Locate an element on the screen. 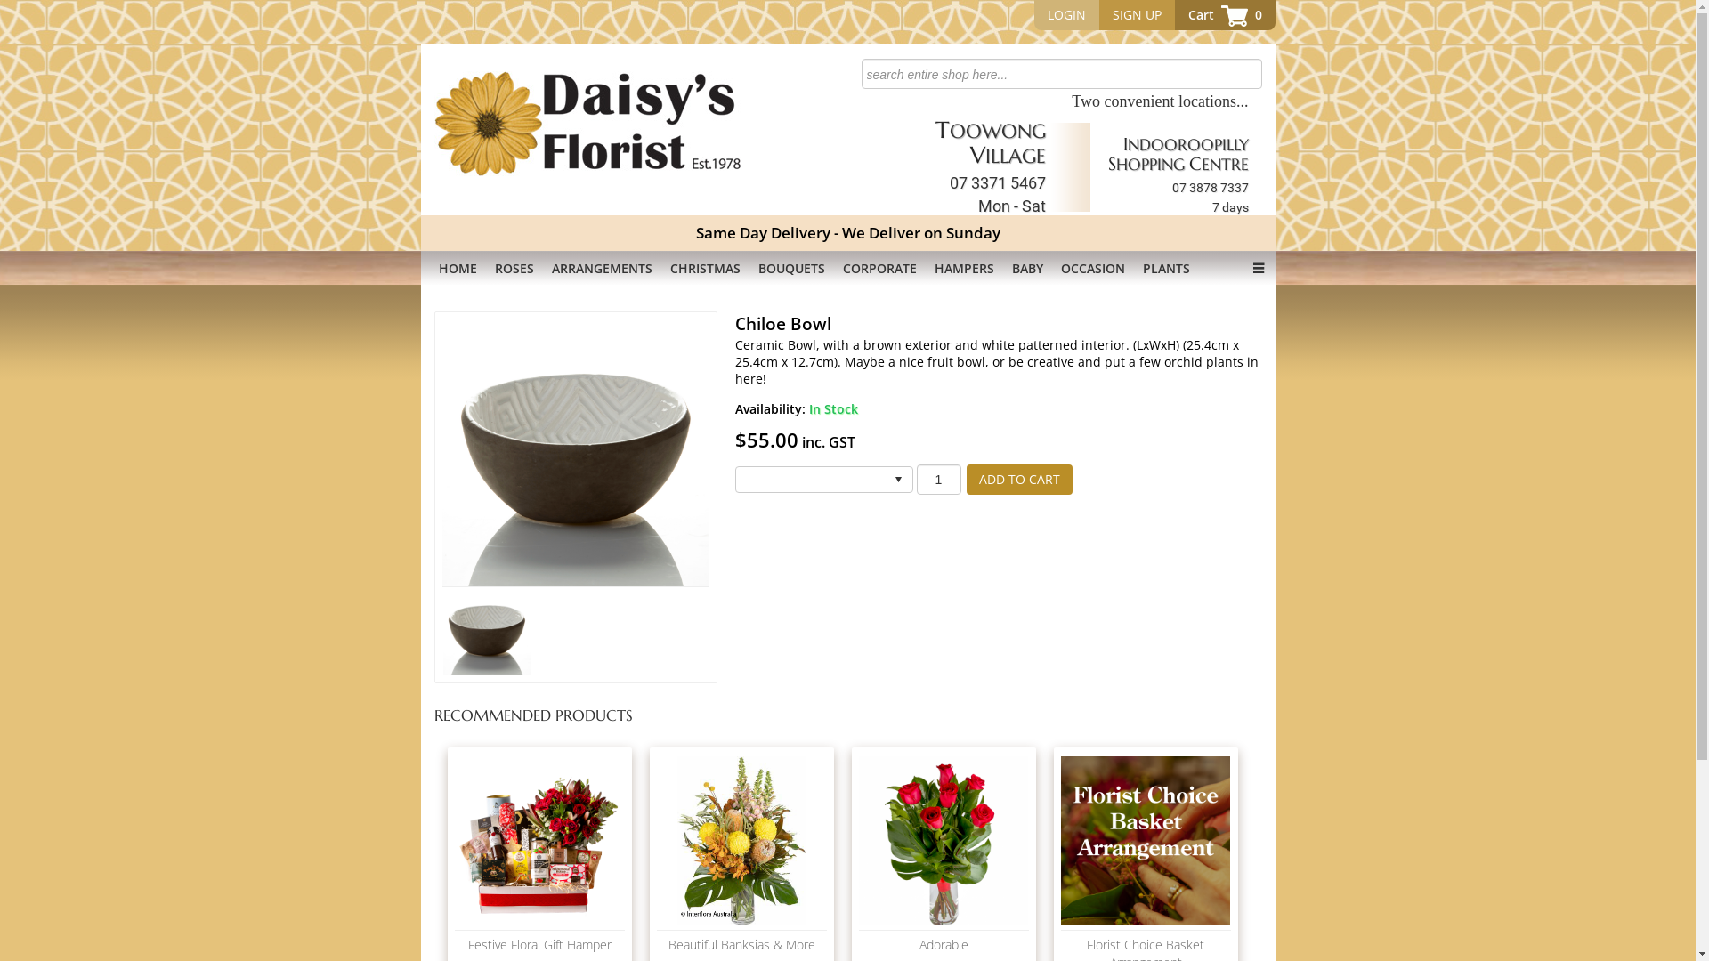 Image resolution: width=1709 pixels, height=961 pixels. 'INDOOROOPILLY is located at coordinates (1178, 174).